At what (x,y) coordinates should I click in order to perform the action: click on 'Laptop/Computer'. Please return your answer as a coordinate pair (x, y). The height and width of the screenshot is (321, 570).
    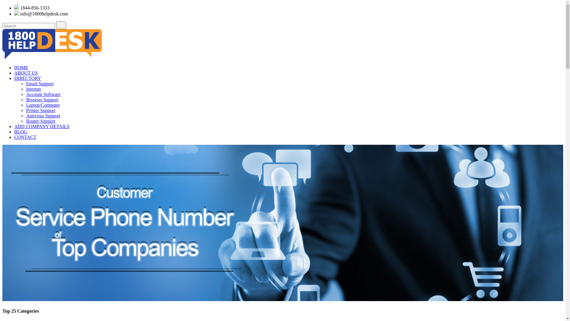
    Looking at the image, I should click on (26, 105).